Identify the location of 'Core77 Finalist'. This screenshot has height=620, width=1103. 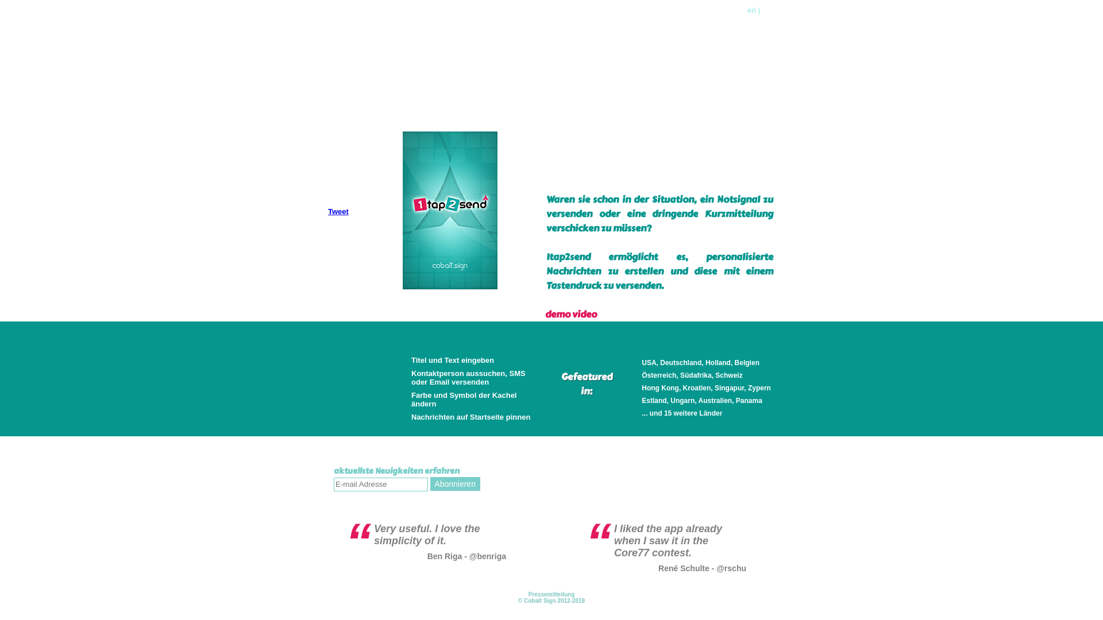
(383, 29).